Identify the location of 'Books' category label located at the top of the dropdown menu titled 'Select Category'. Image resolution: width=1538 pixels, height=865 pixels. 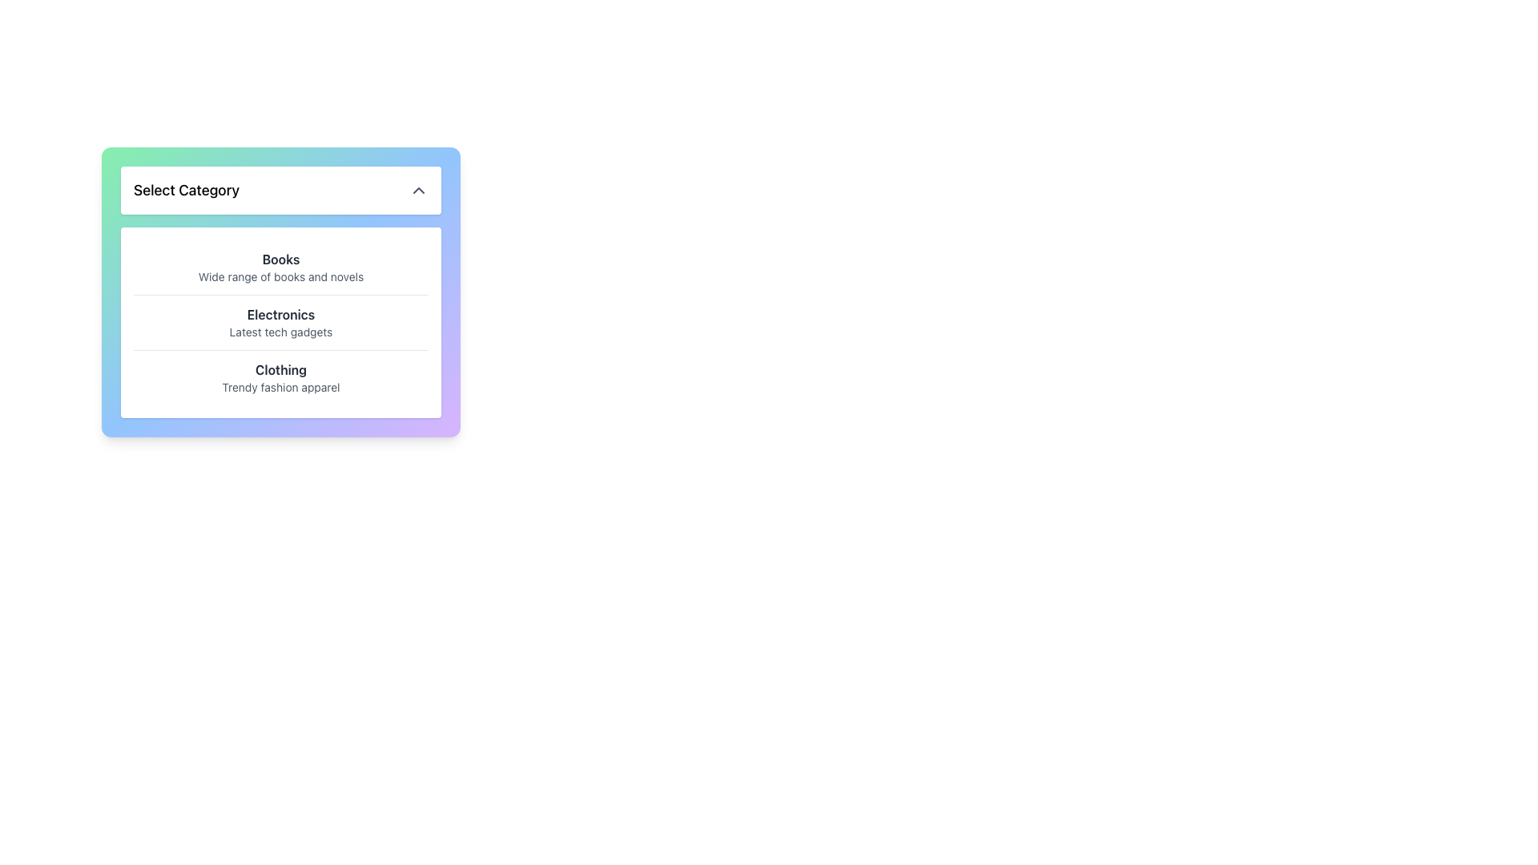
(280, 259).